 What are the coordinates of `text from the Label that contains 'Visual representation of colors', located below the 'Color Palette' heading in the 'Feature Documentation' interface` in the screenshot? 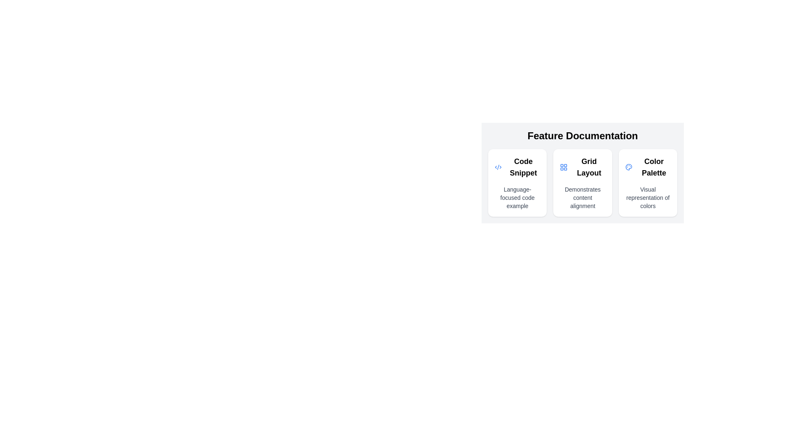 It's located at (647, 197).